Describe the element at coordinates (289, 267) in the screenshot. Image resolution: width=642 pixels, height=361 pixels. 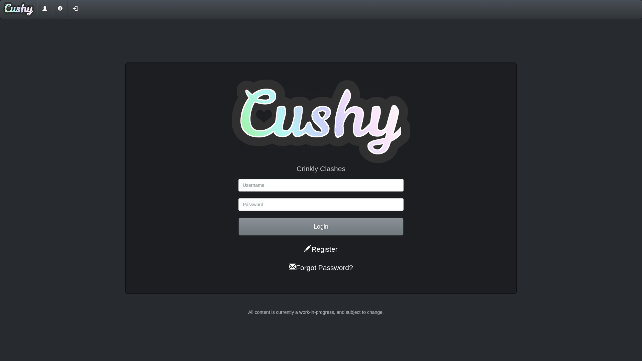
I see `'Forgot Password?'` at that location.